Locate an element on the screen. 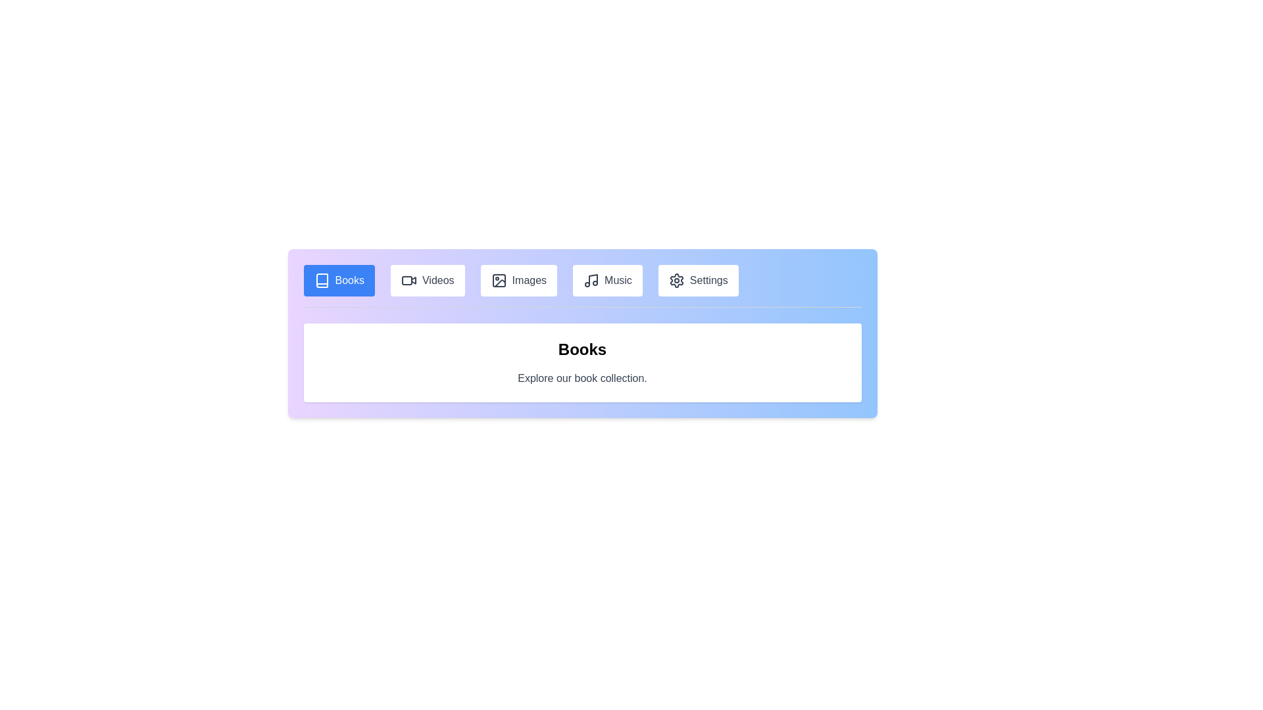 The width and height of the screenshot is (1263, 710). the Settings tab by clicking on its button is located at coordinates (697, 280).